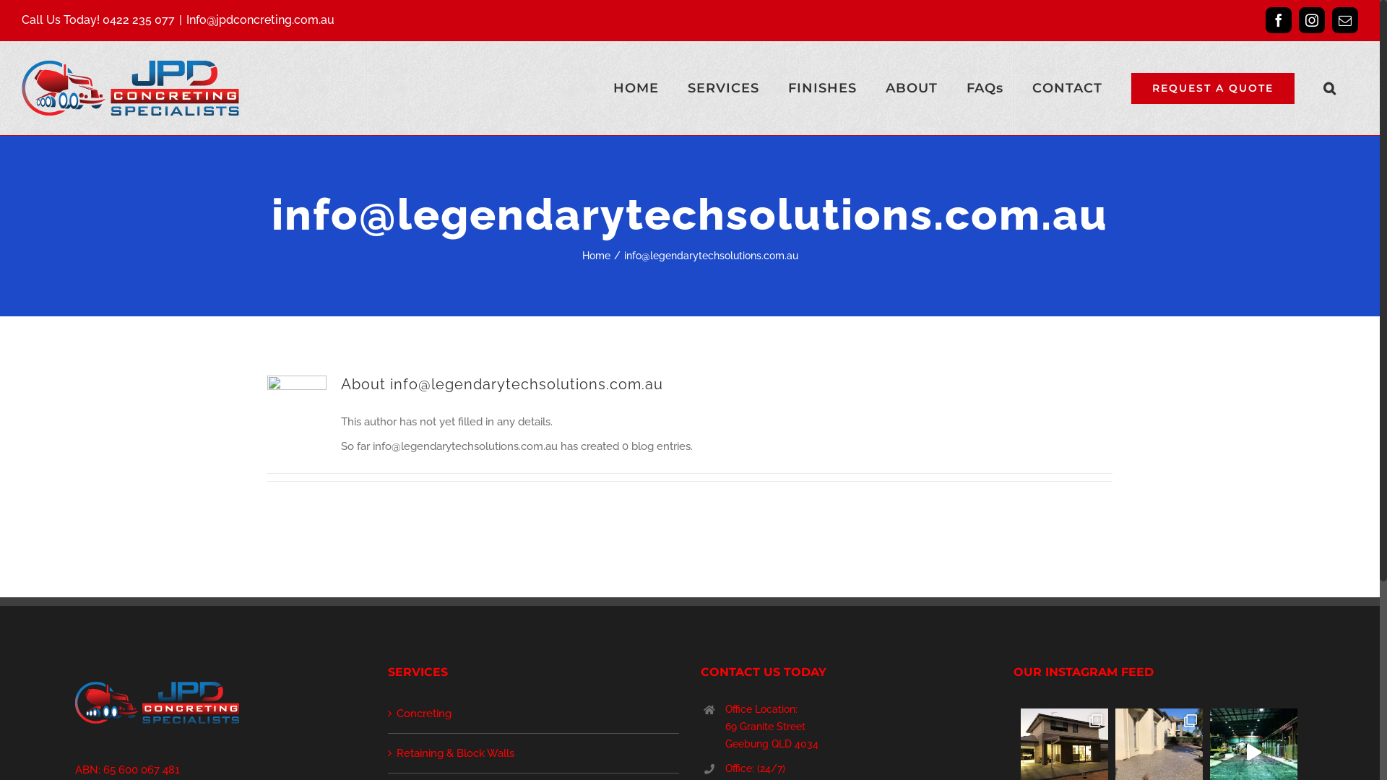  What do you see at coordinates (723, 88) in the screenshot?
I see `'SERVICES'` at bounding box center [723, 88].